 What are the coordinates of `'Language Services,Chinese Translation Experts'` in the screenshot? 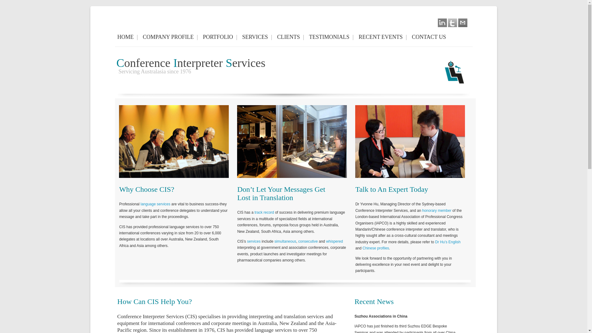 It's located at (410, 142).